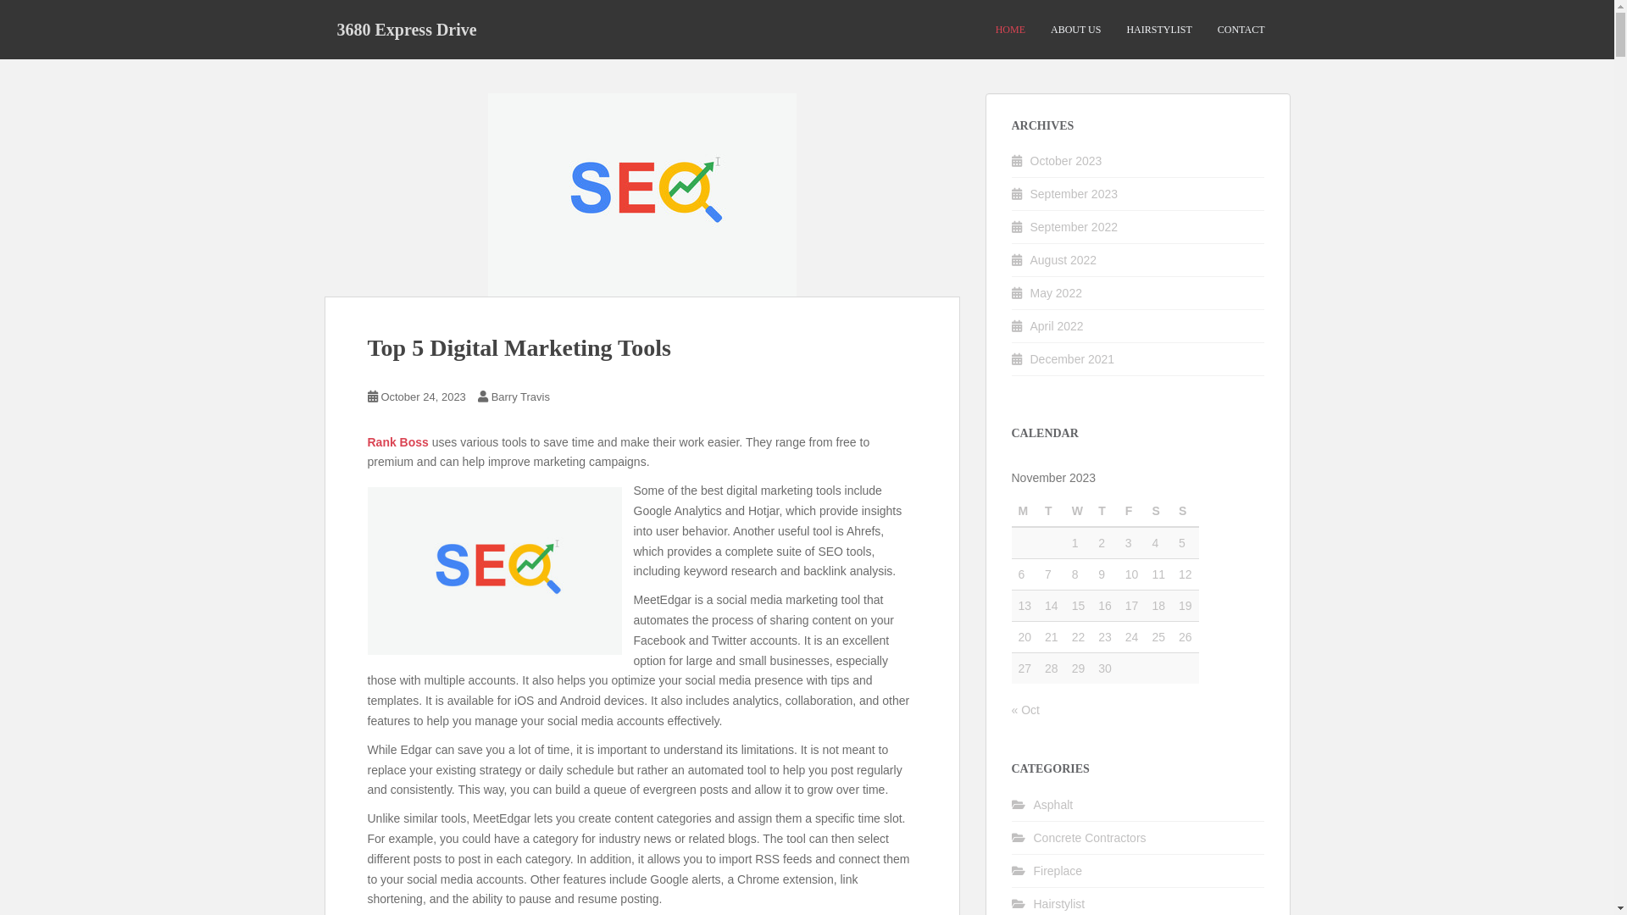 The height and width of the screenshot is (915, 1627). Describe the element at coordinates (1052, 803) in the screenshot. I see `'Asphalt'` at that location.